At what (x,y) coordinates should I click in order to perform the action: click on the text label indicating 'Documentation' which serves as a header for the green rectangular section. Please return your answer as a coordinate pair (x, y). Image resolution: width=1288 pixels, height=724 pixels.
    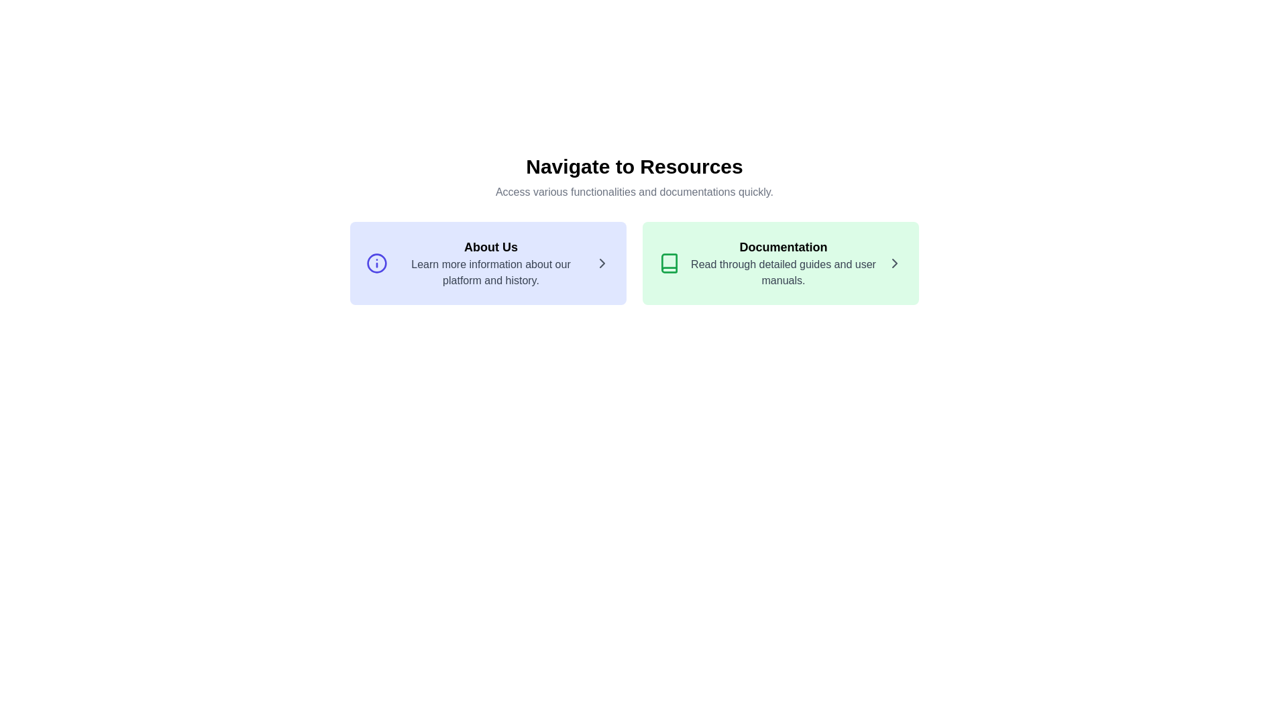
    Looking at the image, I should click on (783, 247).